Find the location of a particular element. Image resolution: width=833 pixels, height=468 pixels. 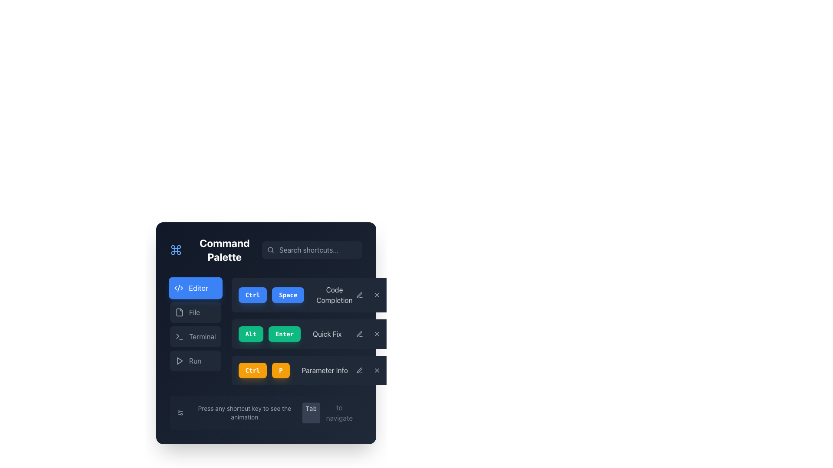

the text label displaying 'Terminal', which is styled in light grey against a dark background and is located in the lower section of the 'Command Palette' interface, adjacent to a terminal icon is located at coordinates (202, 336).